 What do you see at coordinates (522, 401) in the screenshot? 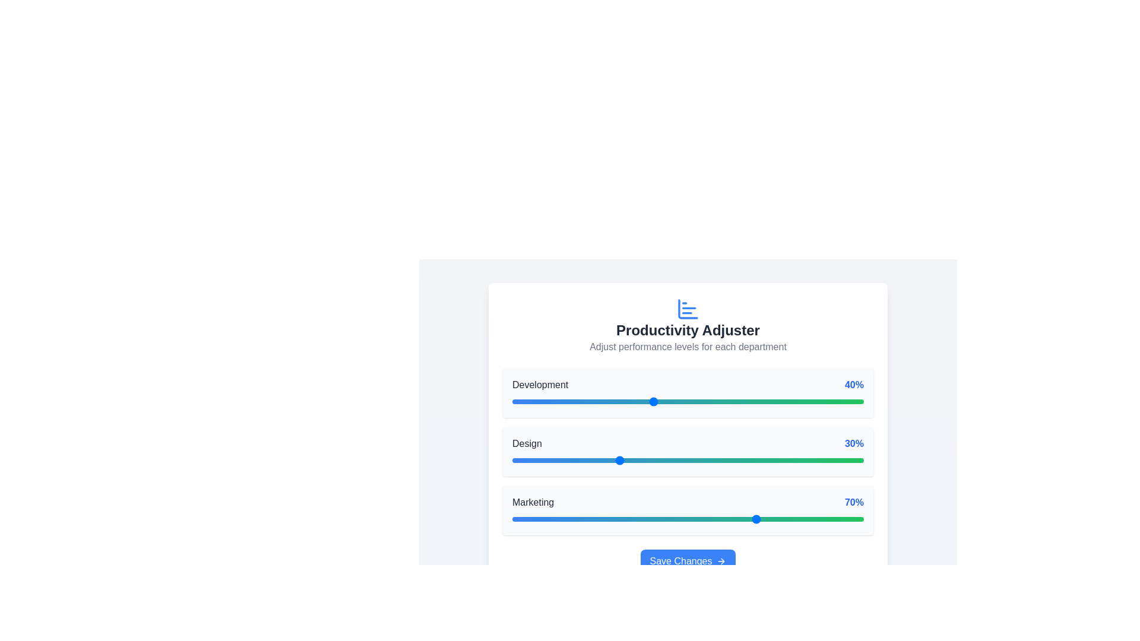
I see `the slider value` at bounding box center [522, 401].